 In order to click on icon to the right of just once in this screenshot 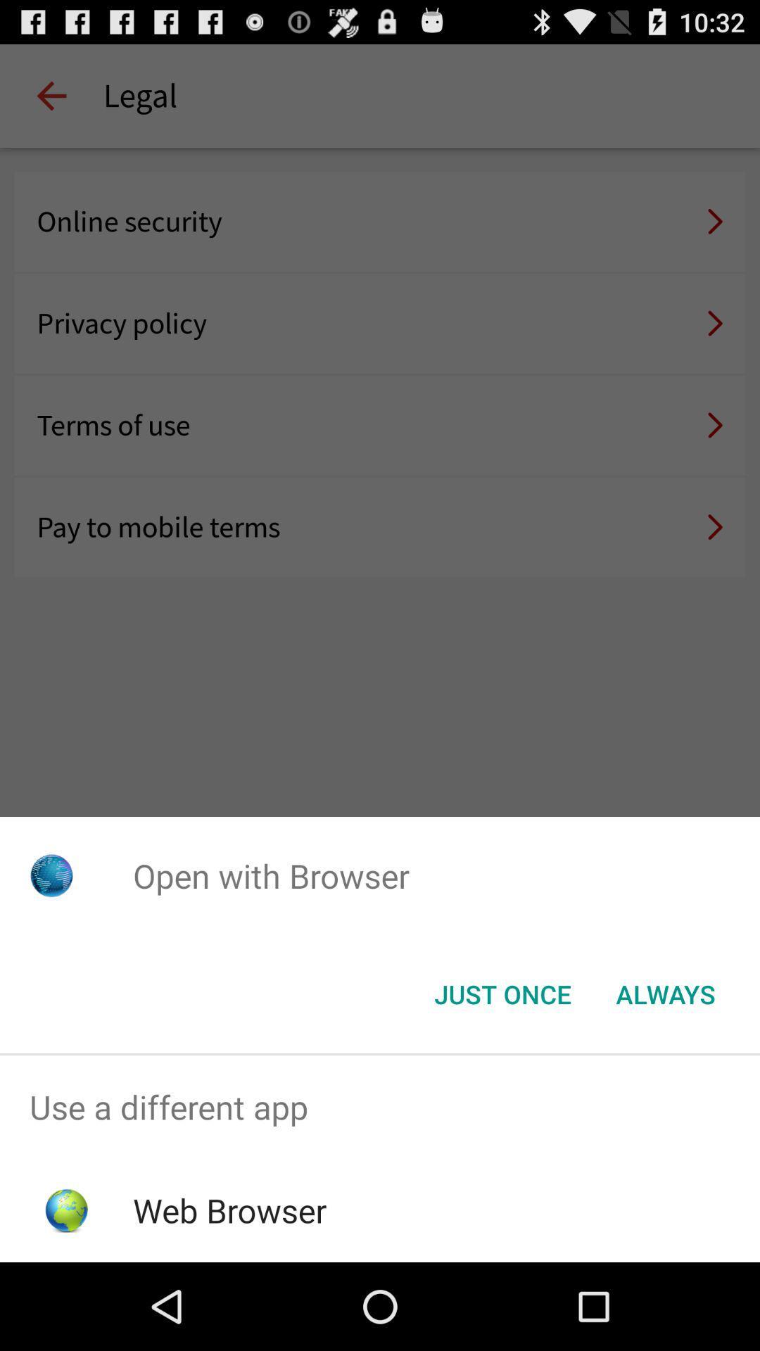, I will do `click(665, 993)`.